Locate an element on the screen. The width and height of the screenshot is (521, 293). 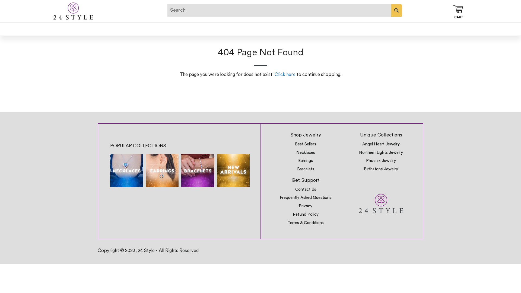
'Angel Heart Jewelry' is located at coordinates (380, 144).